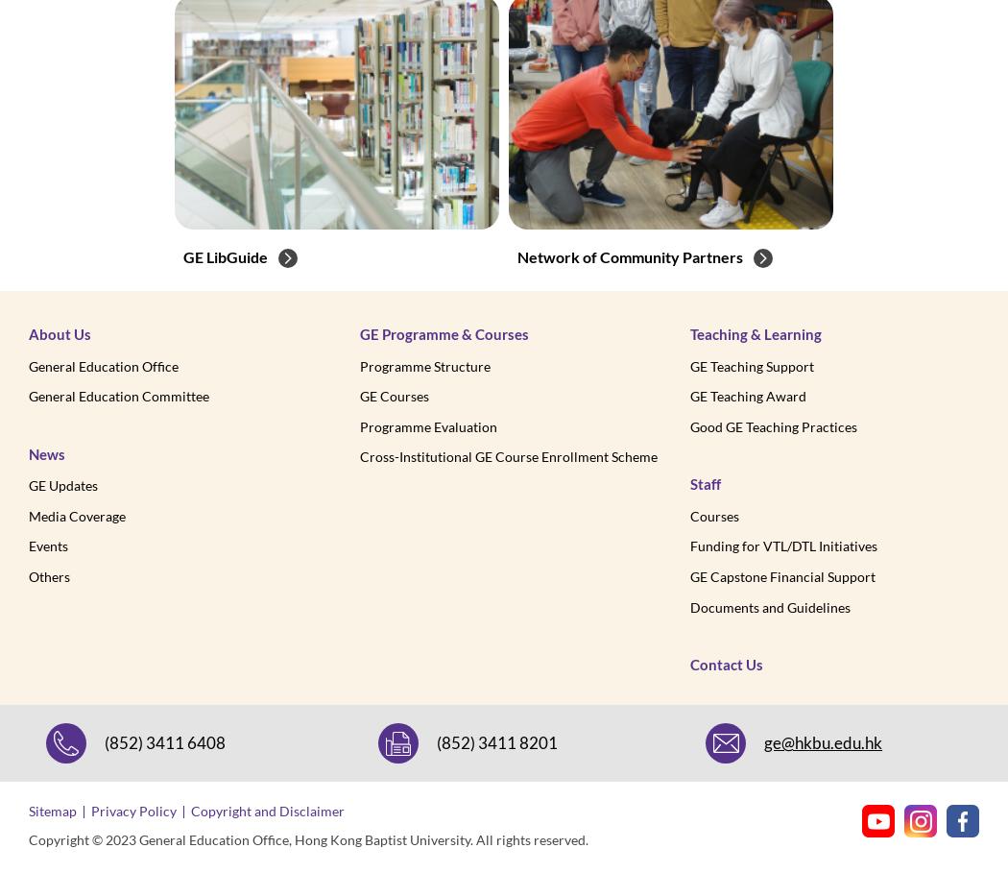 This screenshot has height=873, width=1008. What do you see at coordinates (266, 810) in the screenshot?
I see `'Copyright and Disclaimer'` at bounding box center [266, 810].